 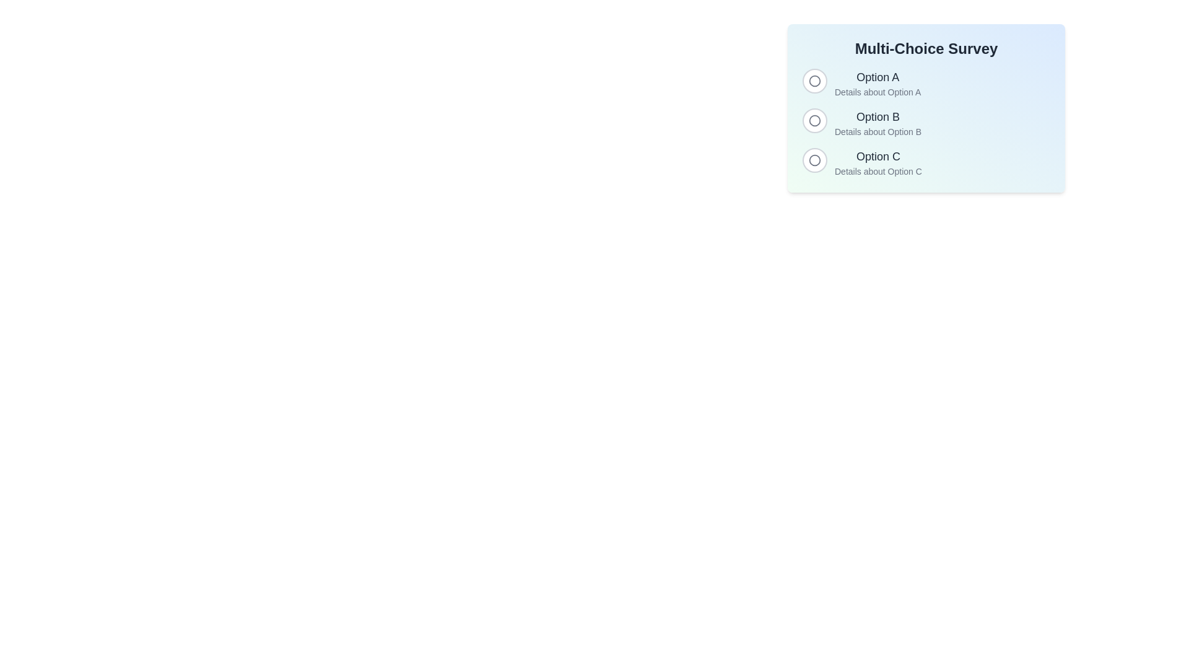 I want to click on the radio button for 'Option B' in the Multi-Choice Survey for keyboard navigation, so click(x=926, y=123).